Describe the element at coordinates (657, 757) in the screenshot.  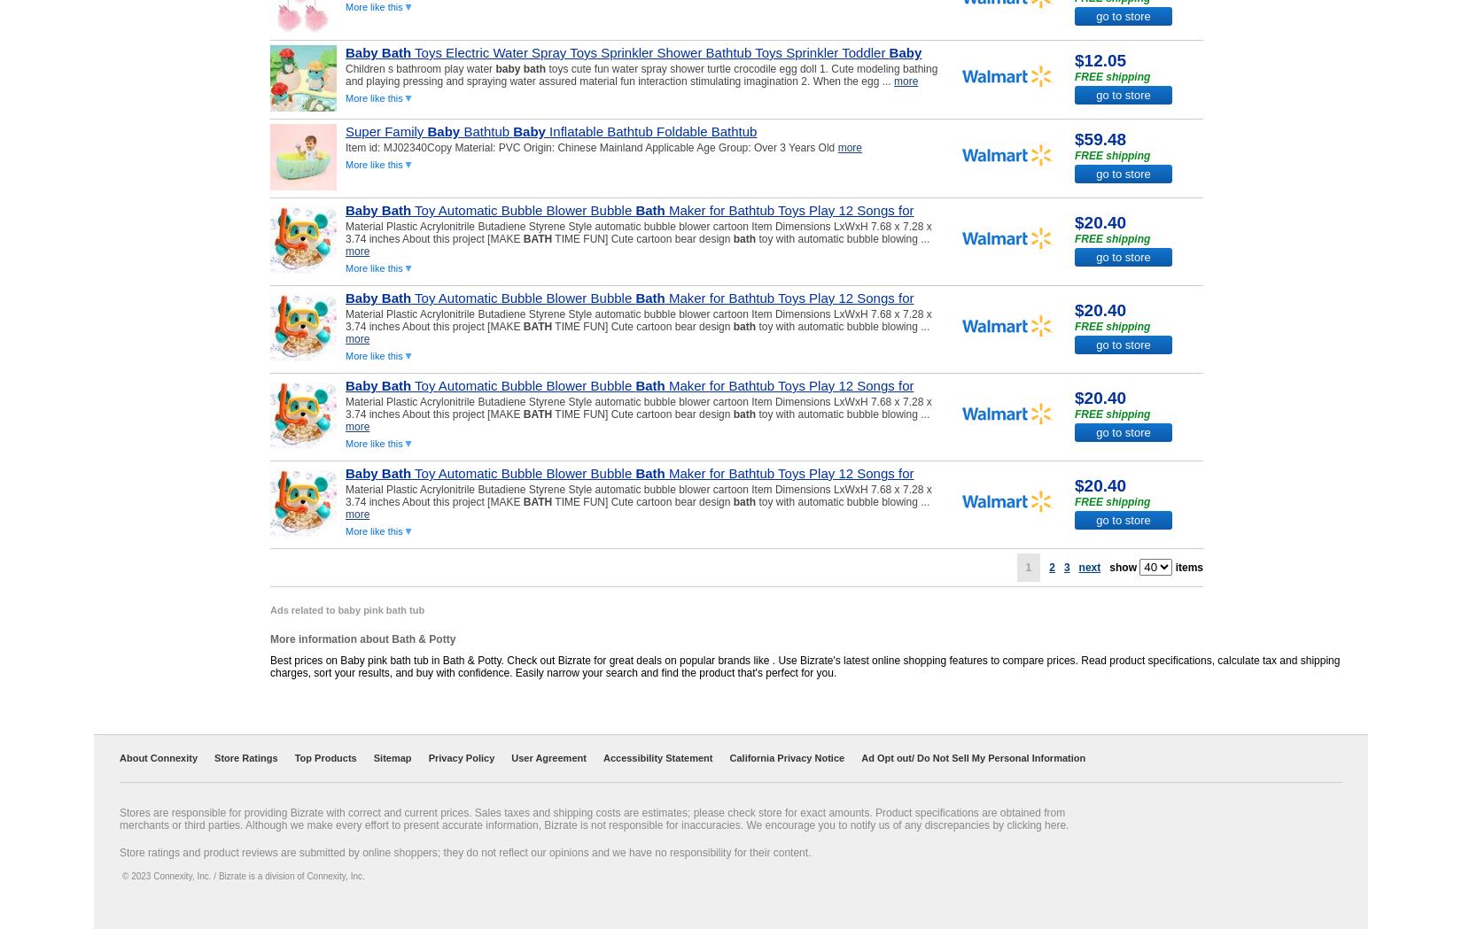
I see `'Accessibility Statement'` at that location.